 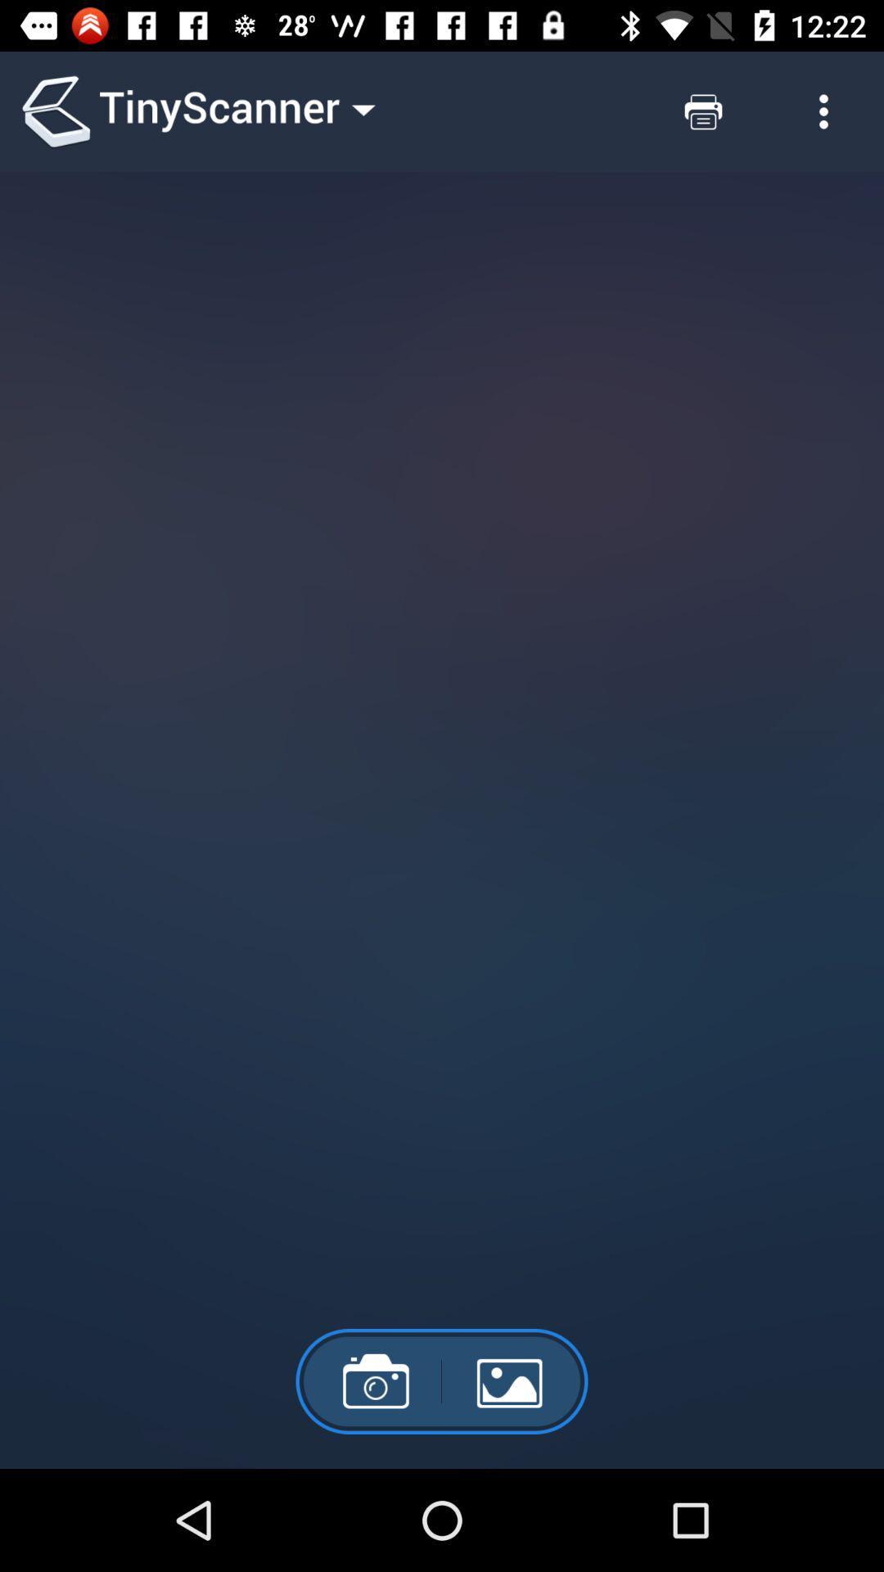 I want to click on the repeat icon, so click(x=702, y=111).